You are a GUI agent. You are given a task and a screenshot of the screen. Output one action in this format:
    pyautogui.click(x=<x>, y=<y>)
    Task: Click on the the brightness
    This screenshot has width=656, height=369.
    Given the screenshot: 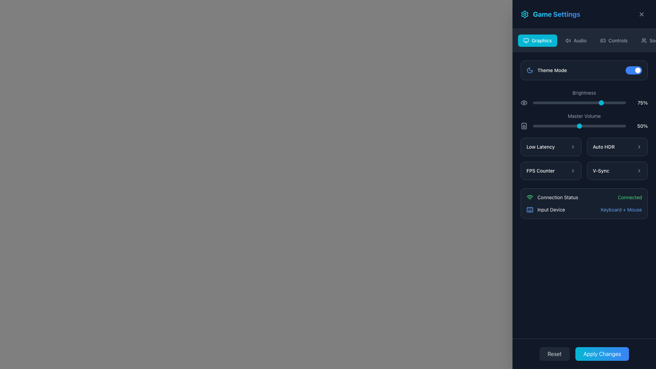 What is the action you would take?
    pyautogui.click(x=566, y=102)
    